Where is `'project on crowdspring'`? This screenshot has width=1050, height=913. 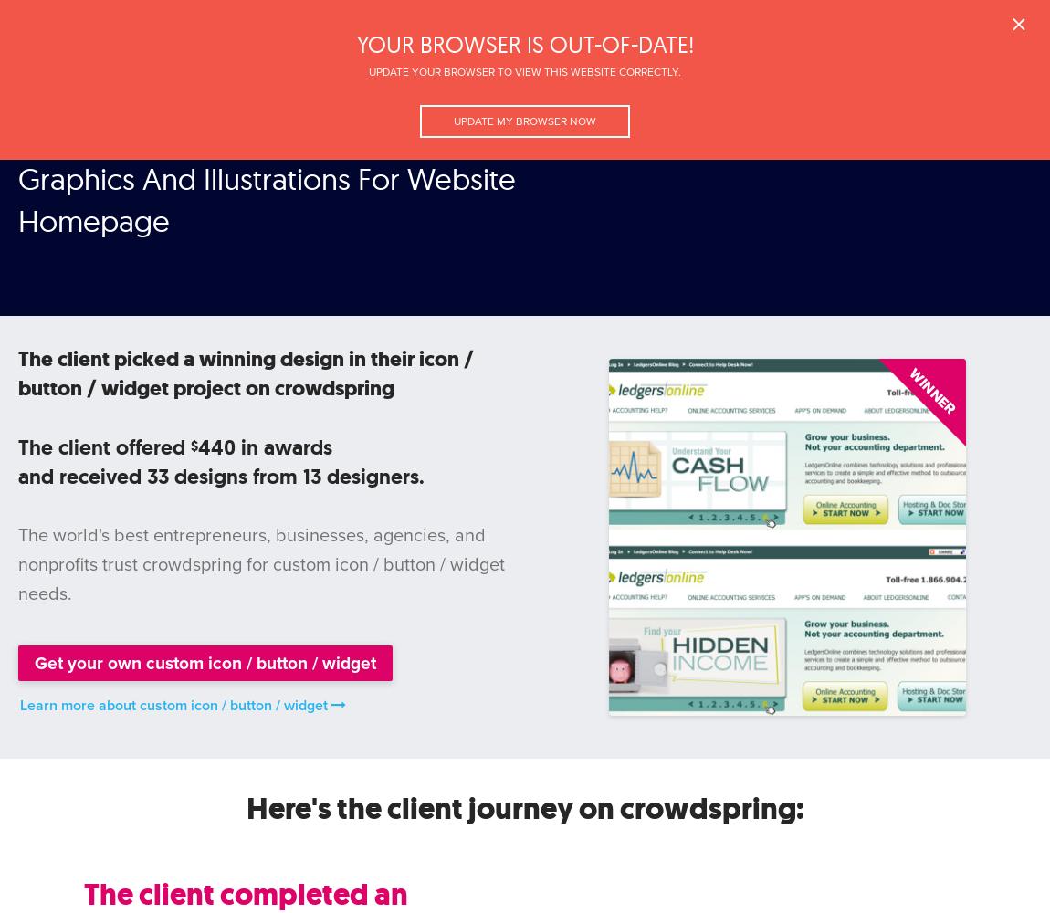 'project on crowdspring' is located at coordinates (168, 387).